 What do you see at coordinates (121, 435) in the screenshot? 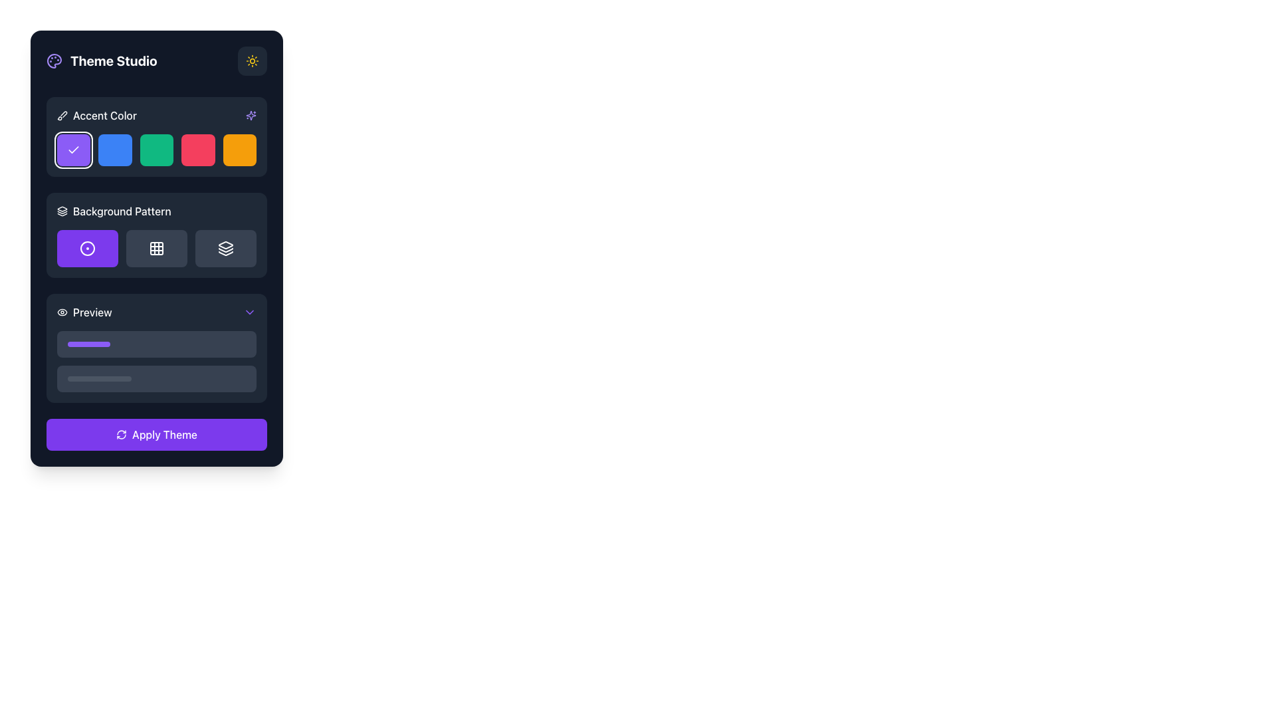
I see `the refresh icon representing a refresh action, which is part of the 'Apply Theme' button, located near the bottom of the interface` at bounding box center [121, 435].